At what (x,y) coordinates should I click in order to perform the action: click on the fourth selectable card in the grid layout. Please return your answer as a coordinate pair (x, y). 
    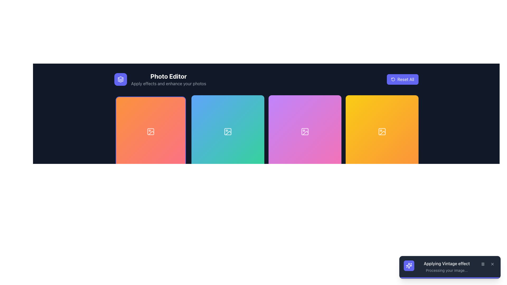
    Looking at the image, I should click on (382, 131).